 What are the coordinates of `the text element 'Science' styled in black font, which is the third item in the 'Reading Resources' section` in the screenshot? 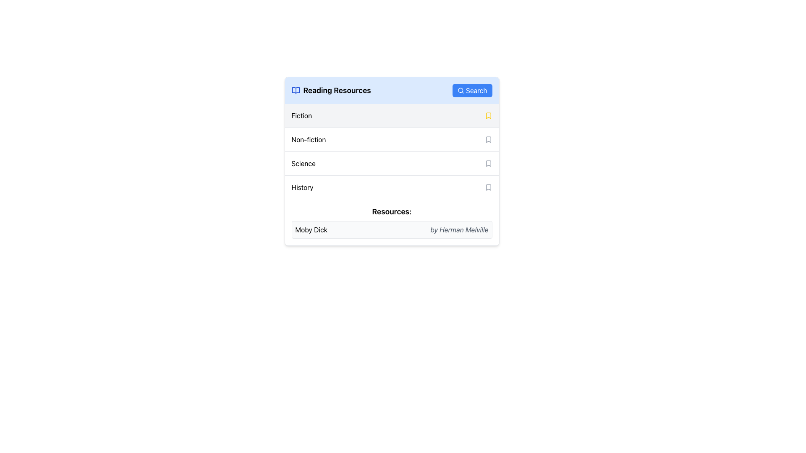 It's located at (303, 163).